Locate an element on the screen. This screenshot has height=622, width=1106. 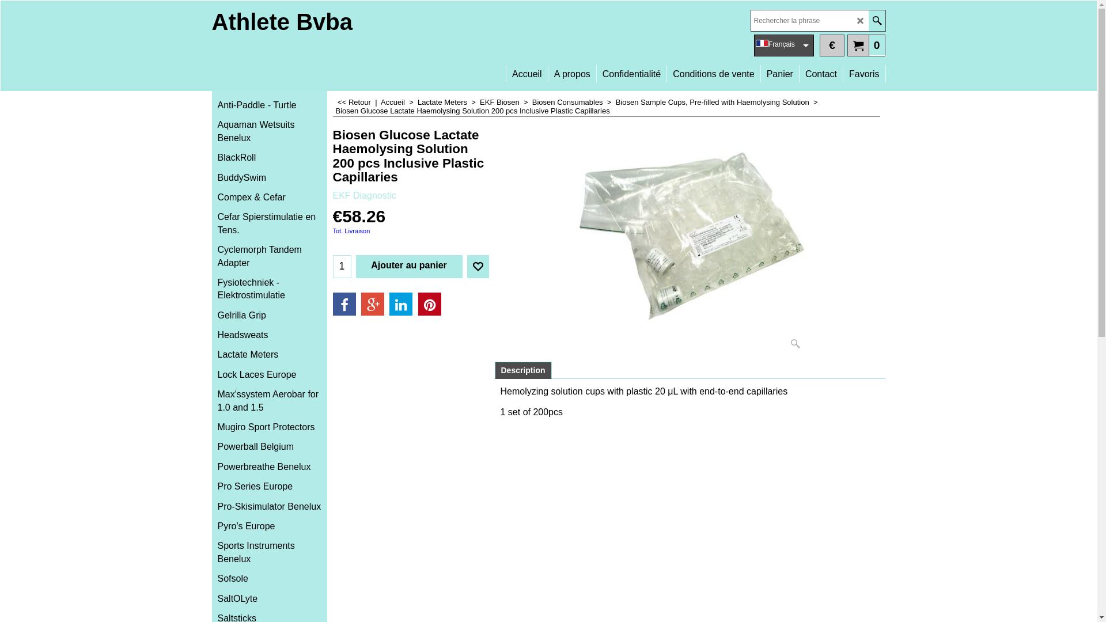
'Tot. Livraison' is located at coordinates (351, 231).